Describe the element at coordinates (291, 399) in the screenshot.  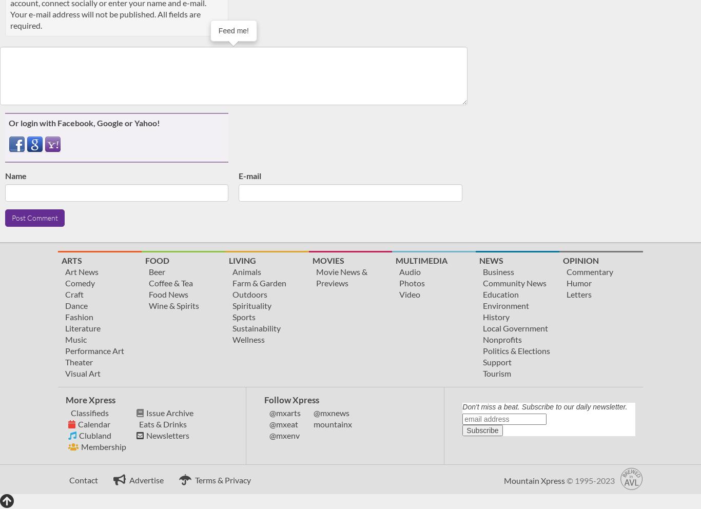
I see `'Follow Xpress'` at that location.